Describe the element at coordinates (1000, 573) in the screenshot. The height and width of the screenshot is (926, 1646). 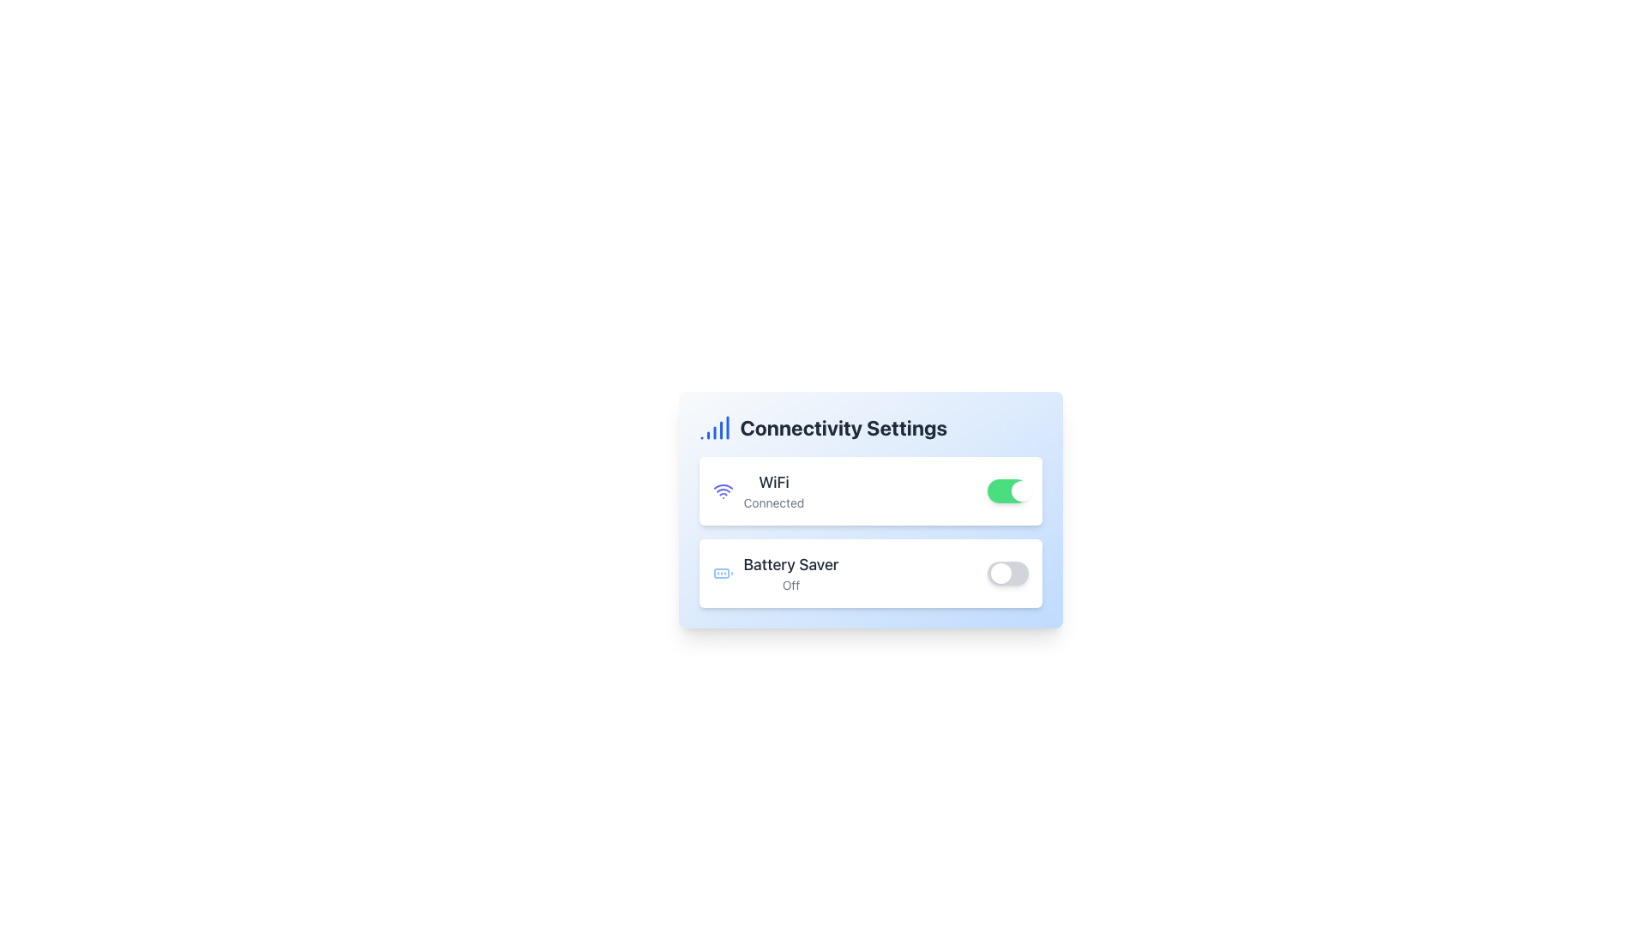
I see `the circular toggle switch handle, which is styled as a white button with rounded borders` at that location.